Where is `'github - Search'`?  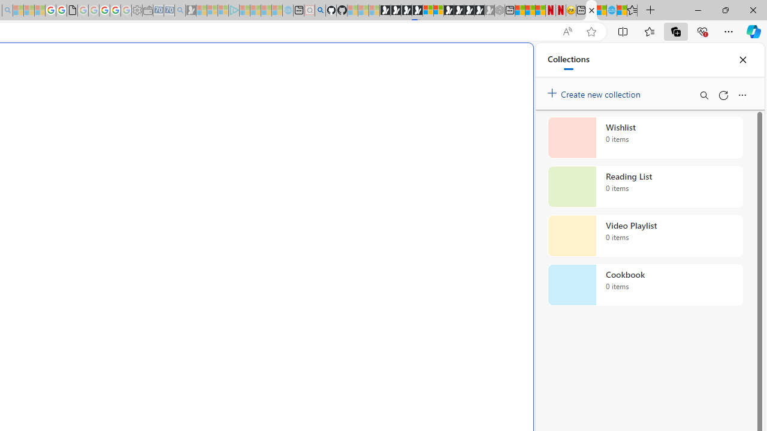 'github - Search' is located at coordinates (320, 10).